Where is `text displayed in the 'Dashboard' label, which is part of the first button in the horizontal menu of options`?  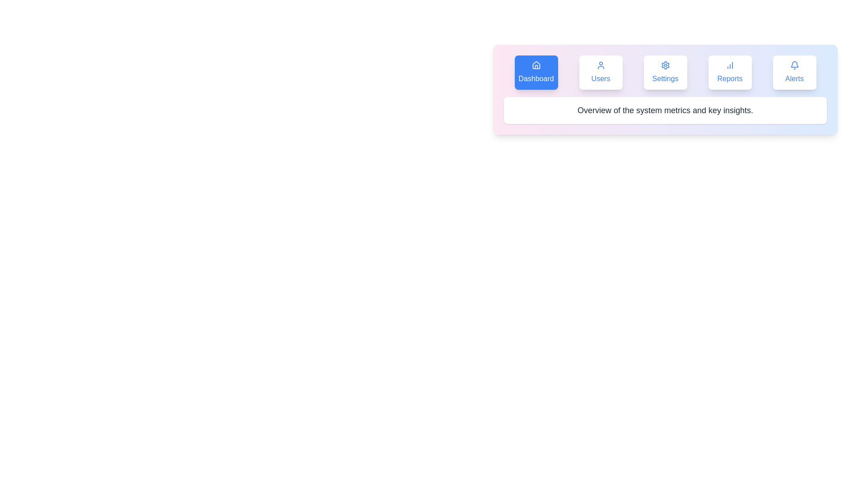
text displayed in the 'Dashboard' label, which is part of the first button in the horizontal menu of options is located at coordinates (536, 78).